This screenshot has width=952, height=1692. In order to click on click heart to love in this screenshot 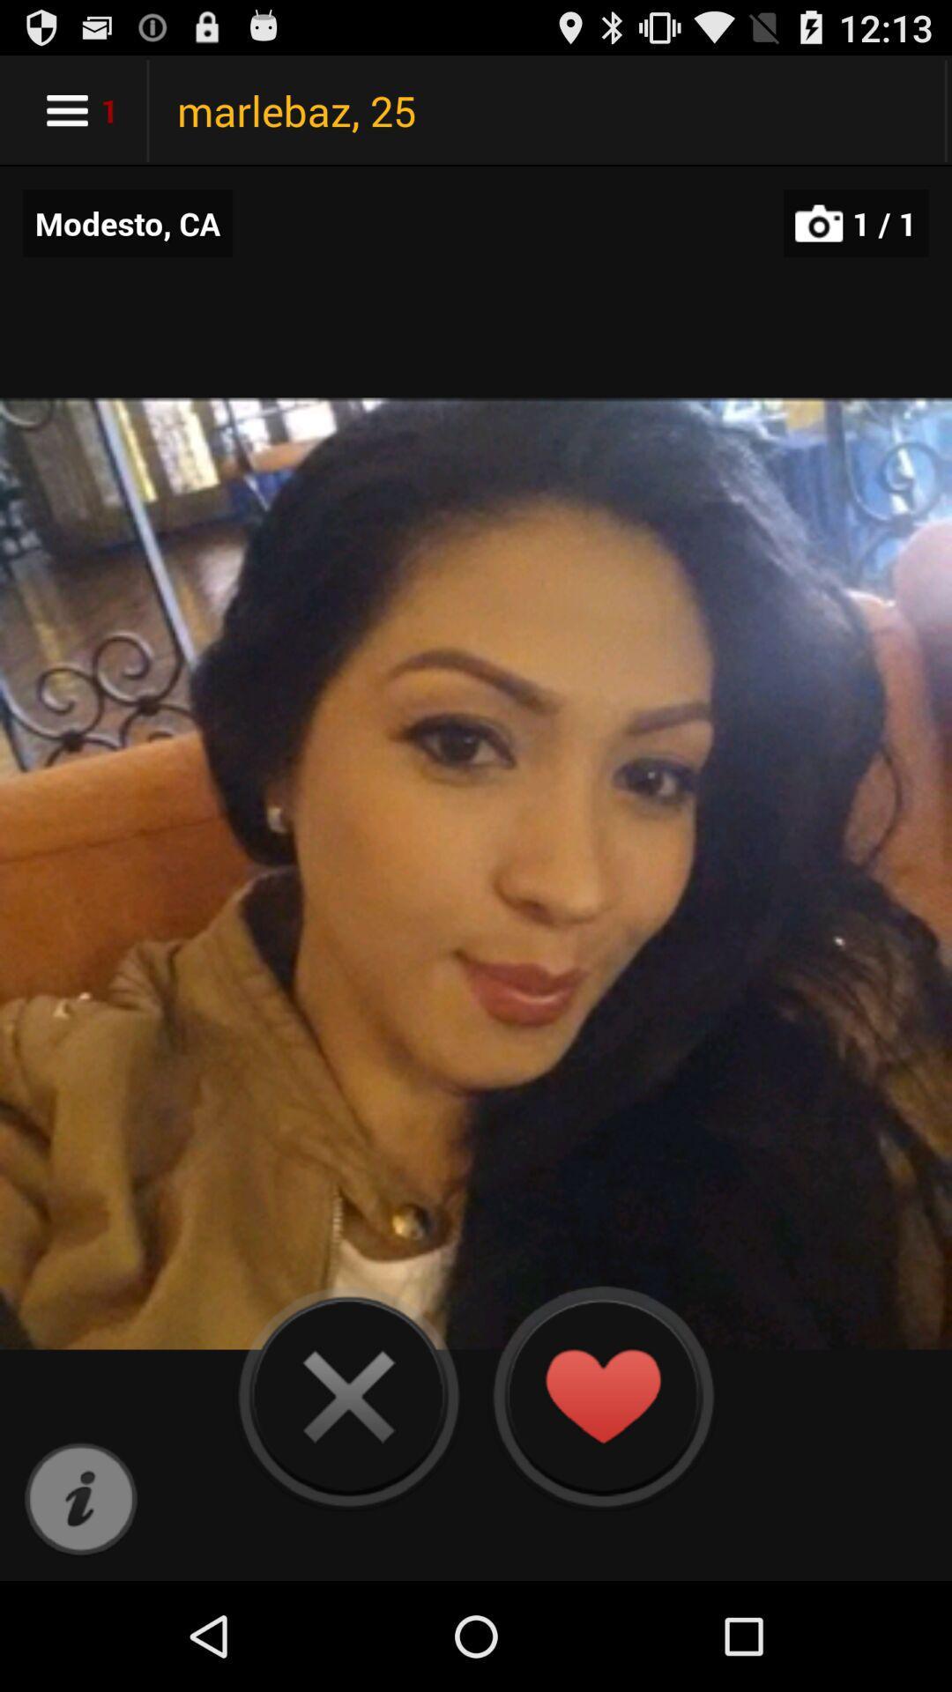, I will do `click(601, 1395)`.